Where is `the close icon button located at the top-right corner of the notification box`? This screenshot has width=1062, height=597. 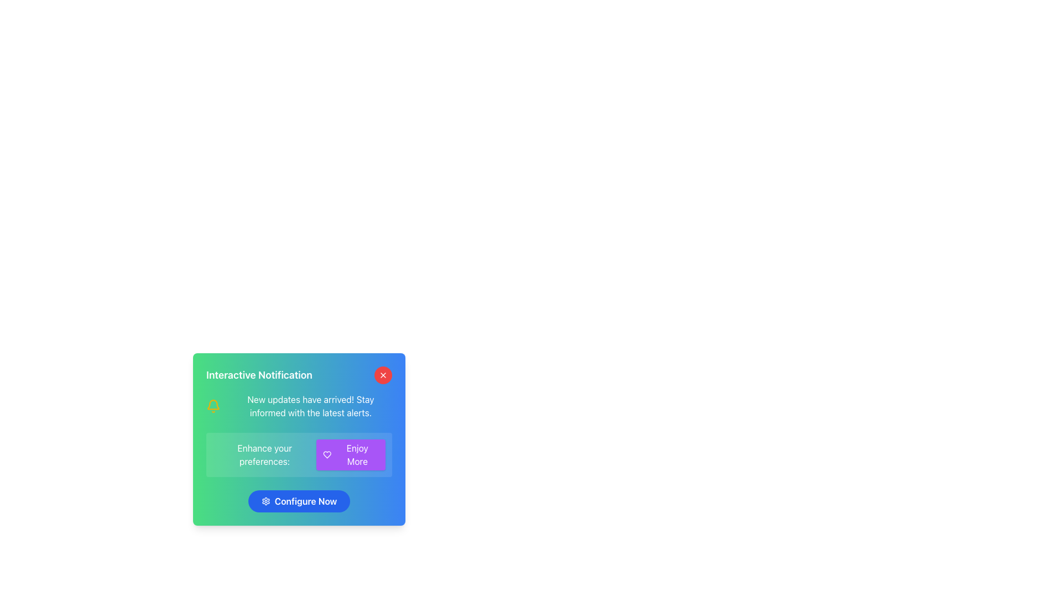 the close icon button located at the top-right corner of the notification box is located at coordinates (383, 374).